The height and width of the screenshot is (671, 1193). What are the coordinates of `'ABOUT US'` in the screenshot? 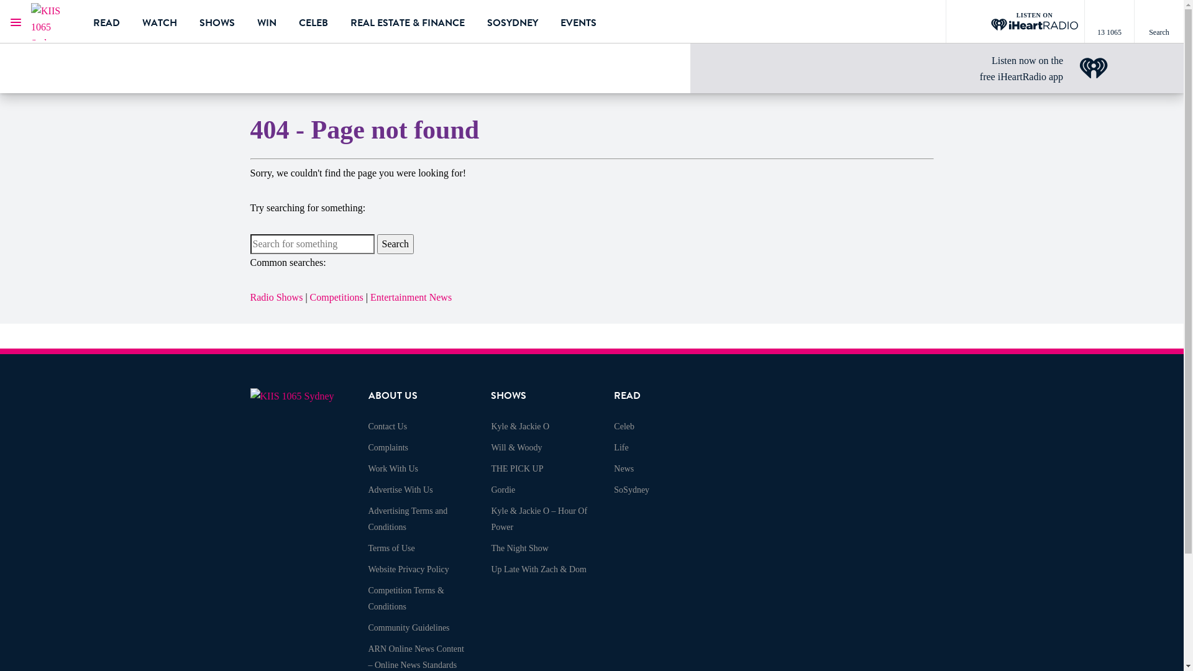 It's located at (391, 395).